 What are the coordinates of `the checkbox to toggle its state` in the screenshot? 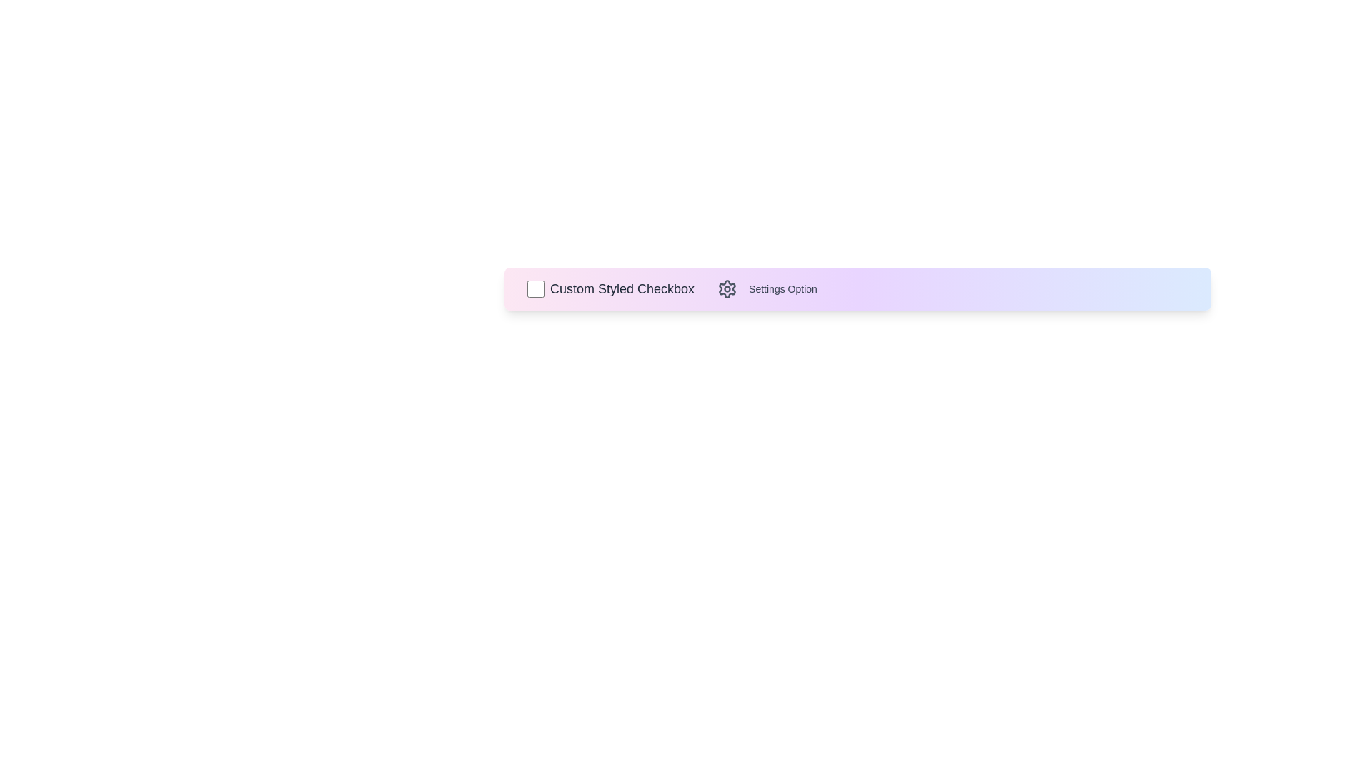 It's located at (535, 289).